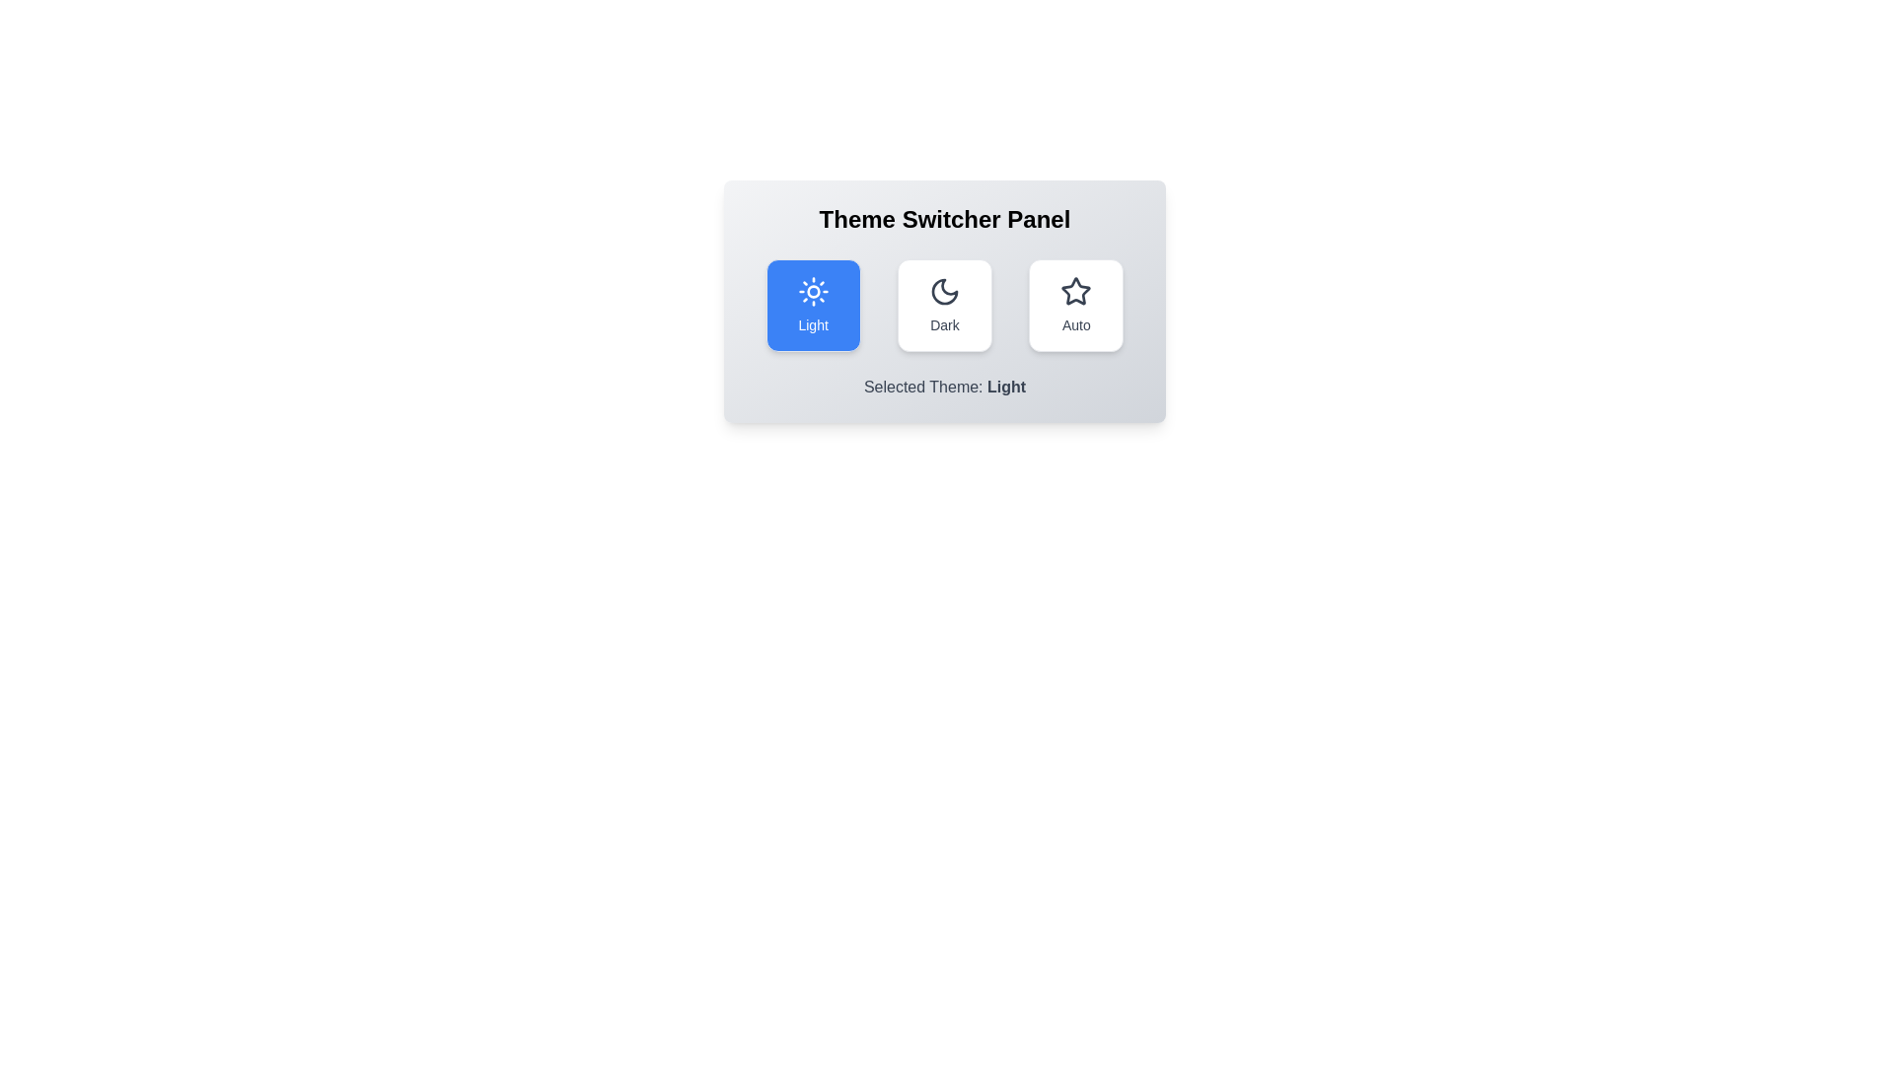  I want to click on the decorative icon representing the 'Auto' theme option, which is located at the top-center of the 'Auto' card in the theme options row, so click(1075, 292).